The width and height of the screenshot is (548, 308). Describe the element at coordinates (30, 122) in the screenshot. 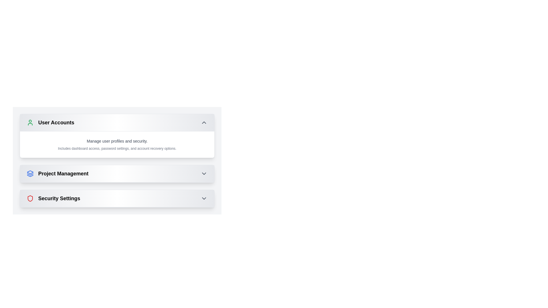

I see `the user-related functionalities icon located at the leftmost part of the 'User Accounts' section, directly preceding the section title` at that location.